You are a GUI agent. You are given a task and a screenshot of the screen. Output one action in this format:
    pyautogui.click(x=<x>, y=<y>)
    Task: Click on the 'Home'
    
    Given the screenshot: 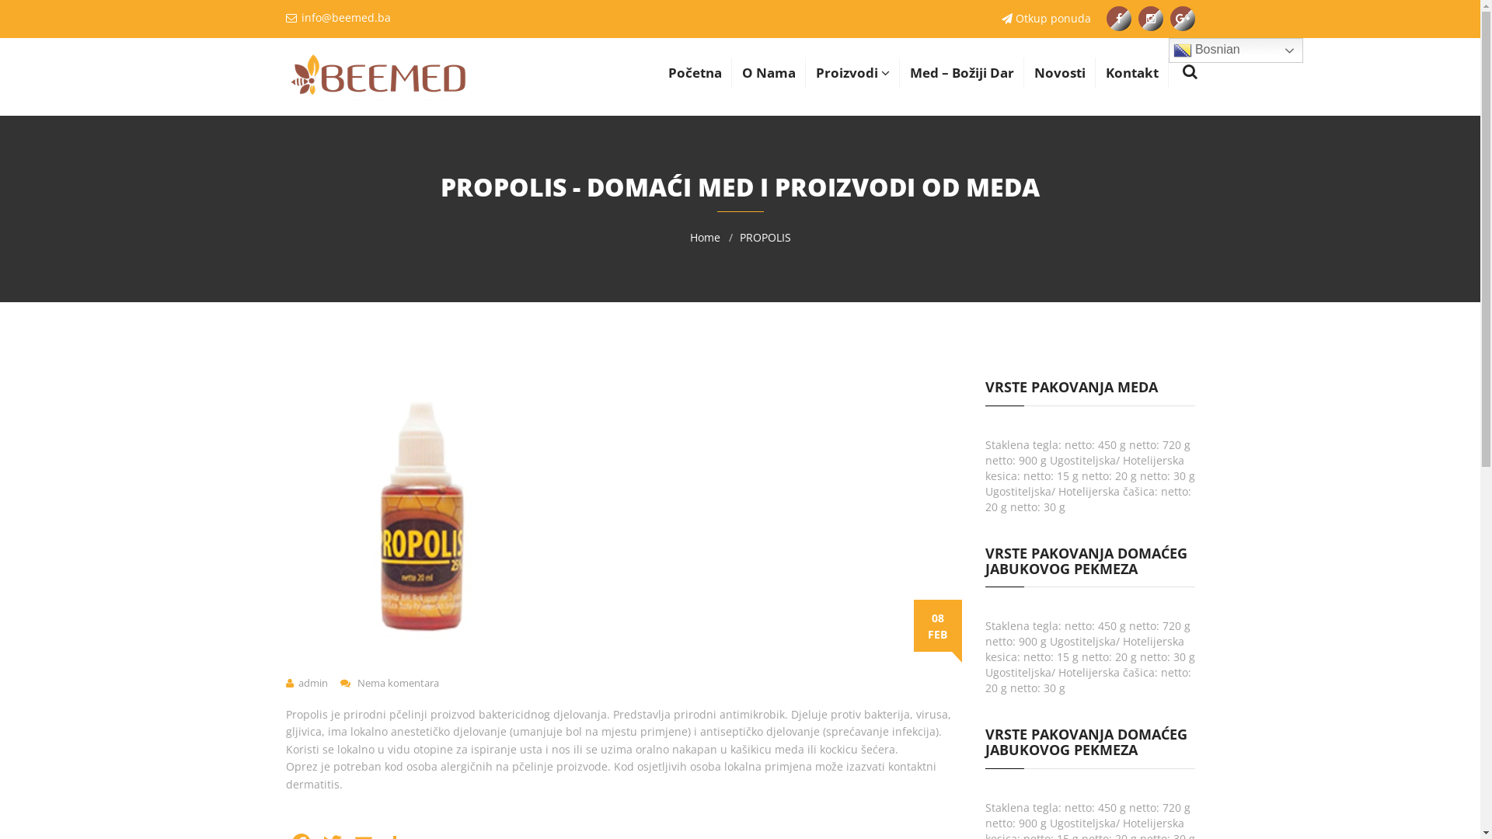 What is the action you would take?
    pyautogui.click(x=704, y=237)
    